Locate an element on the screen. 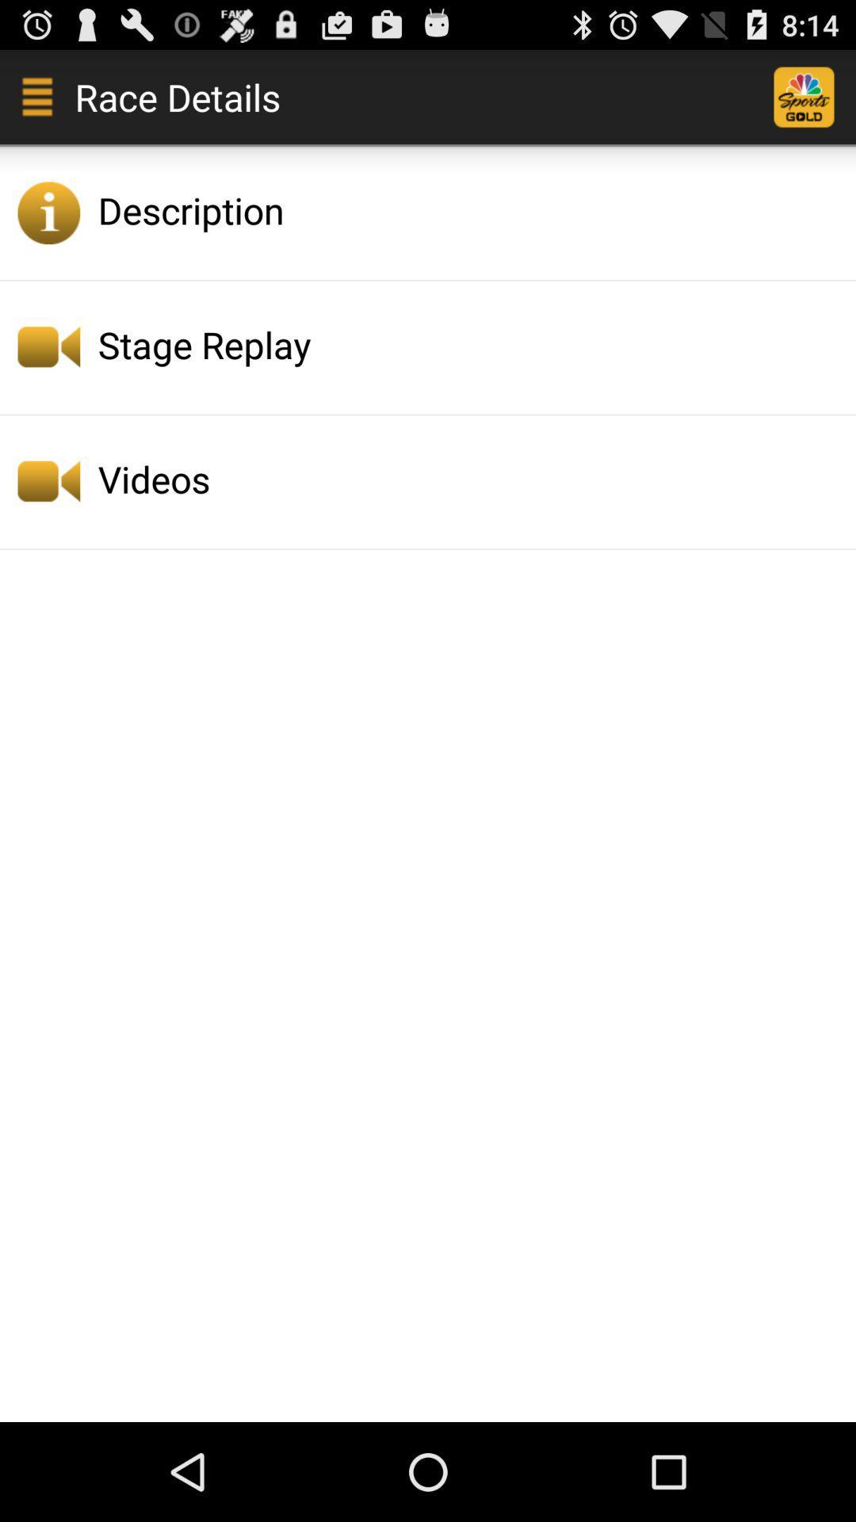  videos icon is located at coordinates (472, 478).